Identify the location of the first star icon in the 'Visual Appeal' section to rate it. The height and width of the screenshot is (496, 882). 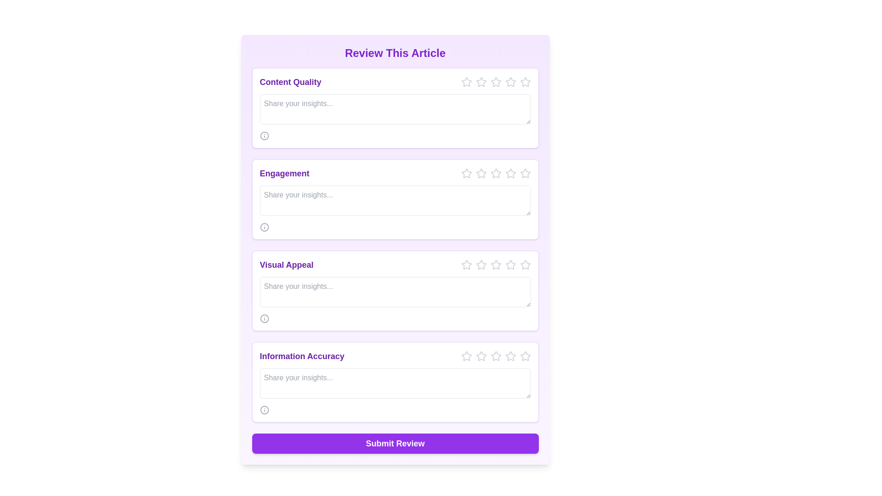
(466, 265).